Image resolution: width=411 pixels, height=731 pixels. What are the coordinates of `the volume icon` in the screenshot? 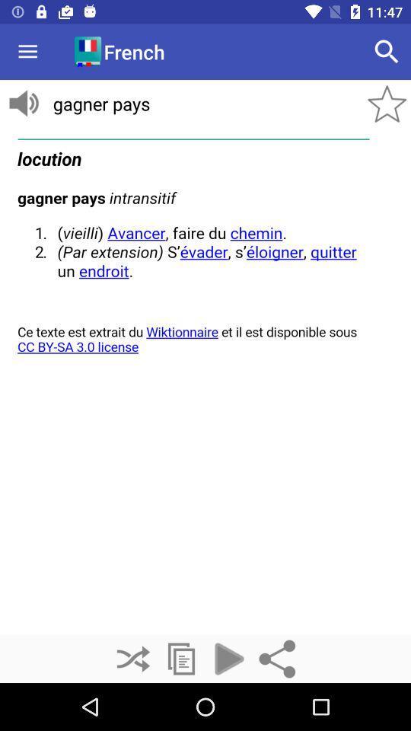 It's located at (23, 103).